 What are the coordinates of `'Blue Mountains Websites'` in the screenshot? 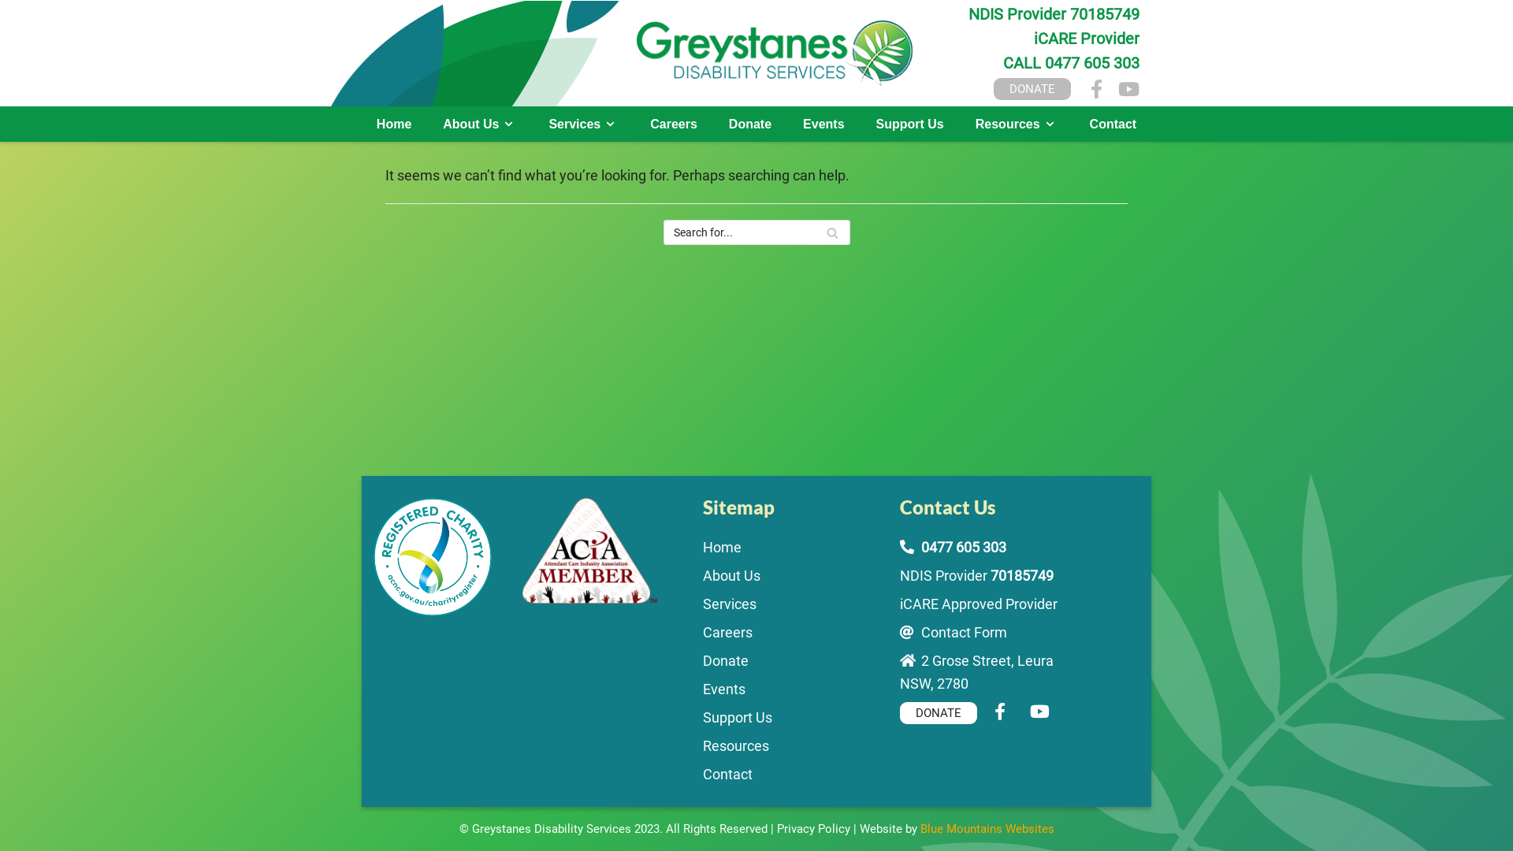 It's located at (986, 828).